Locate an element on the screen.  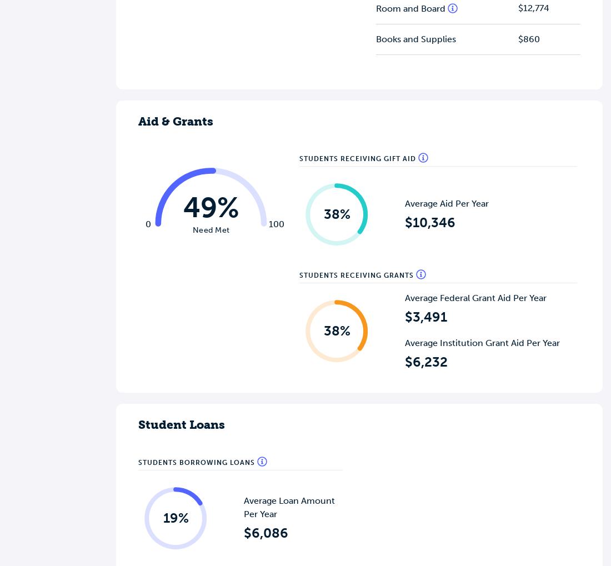
'Room and Board' is located at coordinates (411, 7).